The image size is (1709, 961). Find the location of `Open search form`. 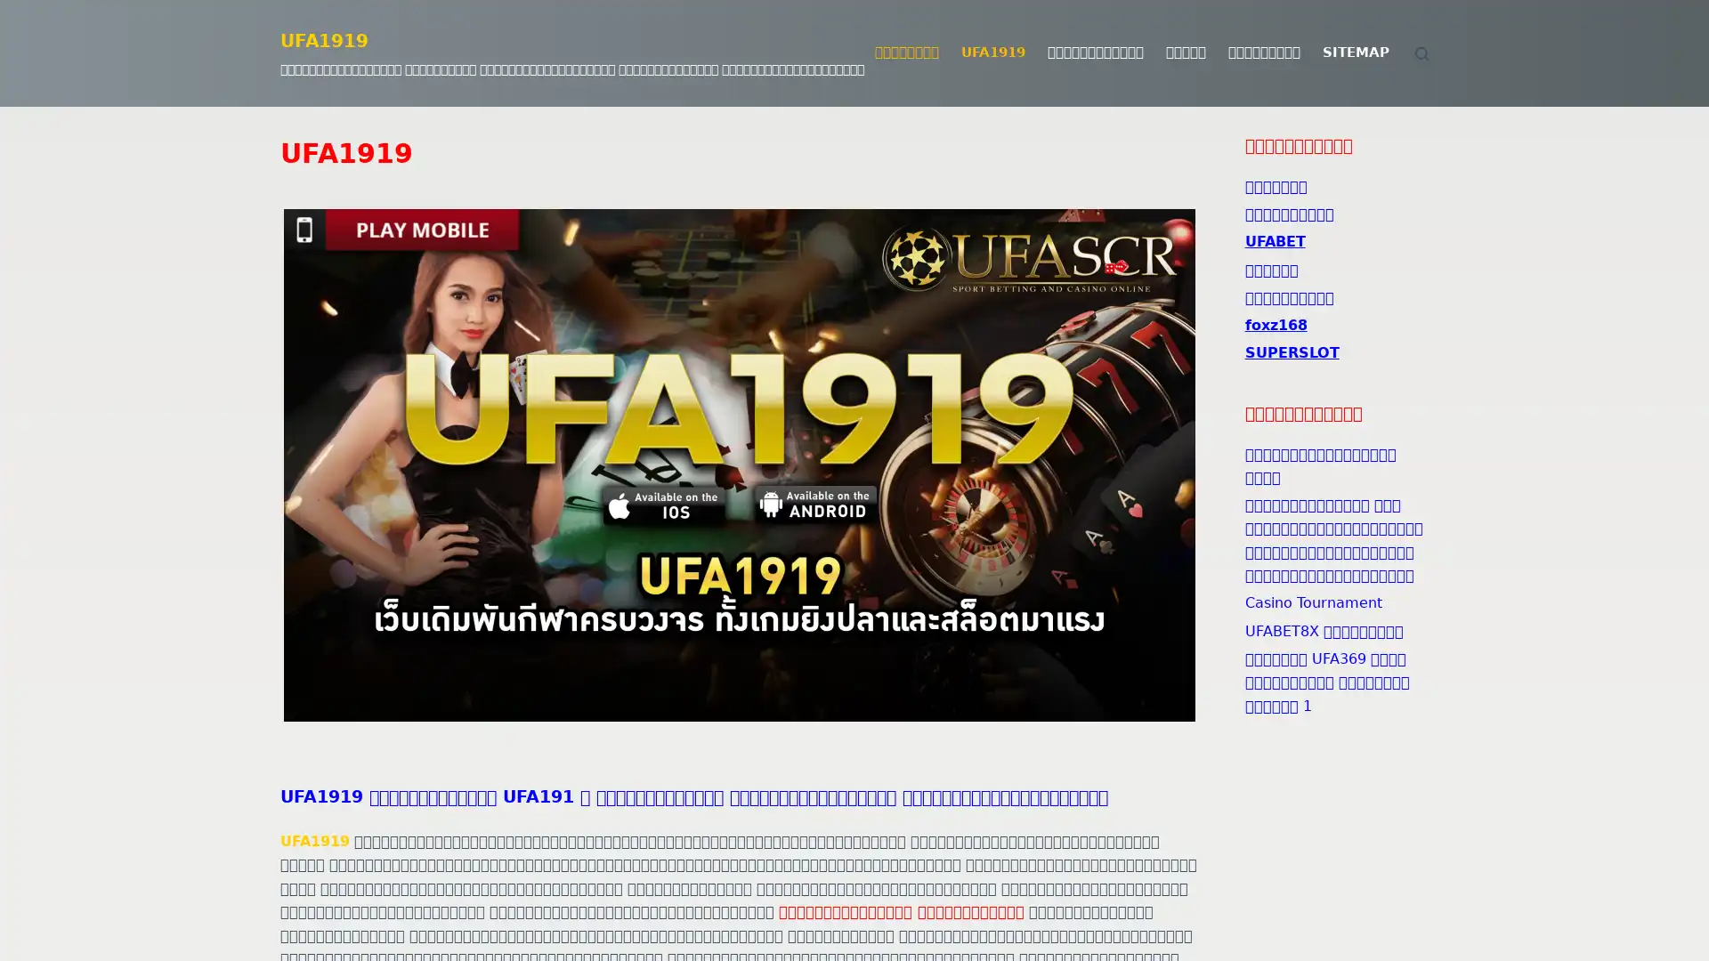

Open search form is located at coordinates (1421, 52).